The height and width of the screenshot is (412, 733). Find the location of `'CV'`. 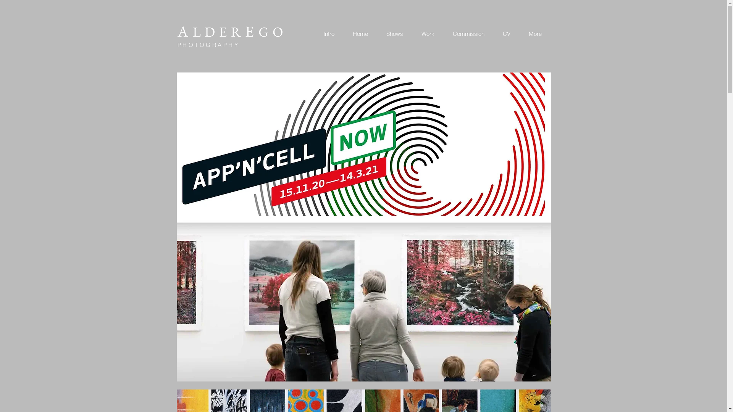

'CV' is located at coordinates (506, 33).